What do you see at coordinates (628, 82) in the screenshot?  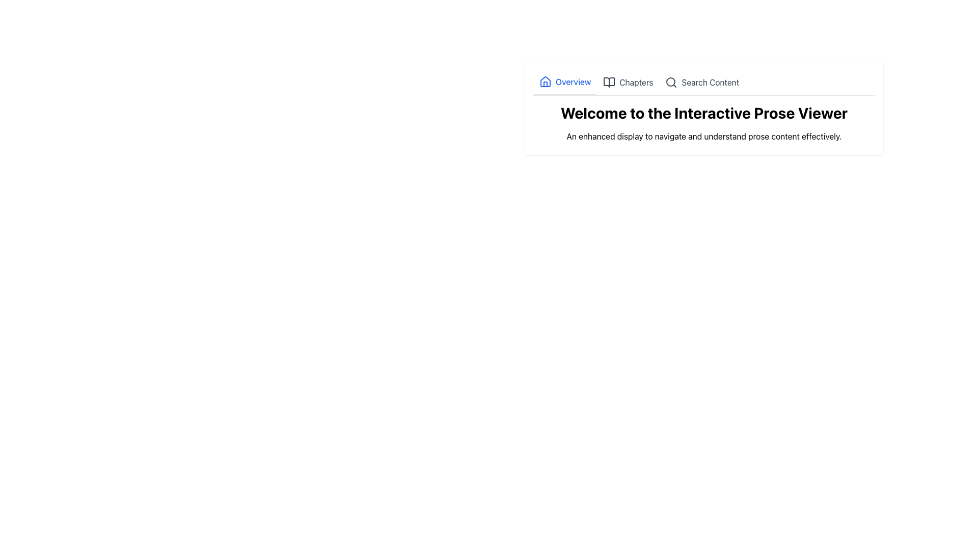 I see `the second Navigation Tab in the horizontal navigation bar` at bounding box center [628, 82].